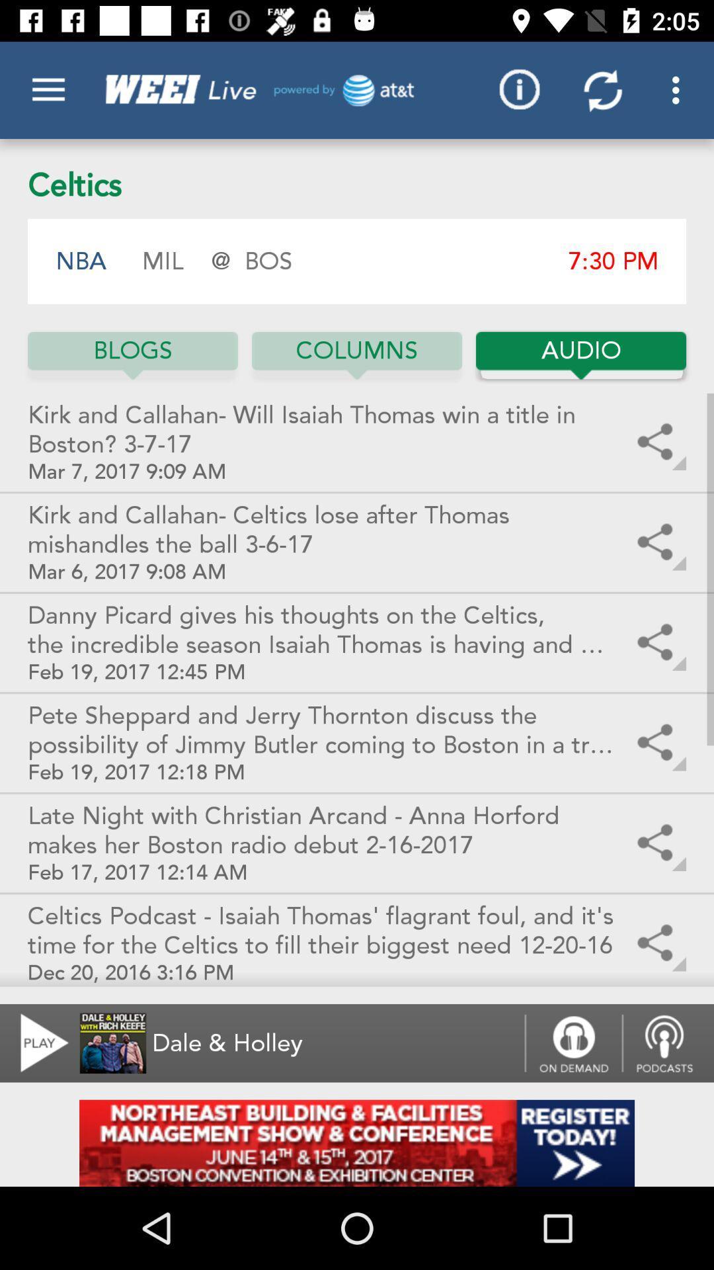  I want to click on visit advertisement, so click(357, 1142).